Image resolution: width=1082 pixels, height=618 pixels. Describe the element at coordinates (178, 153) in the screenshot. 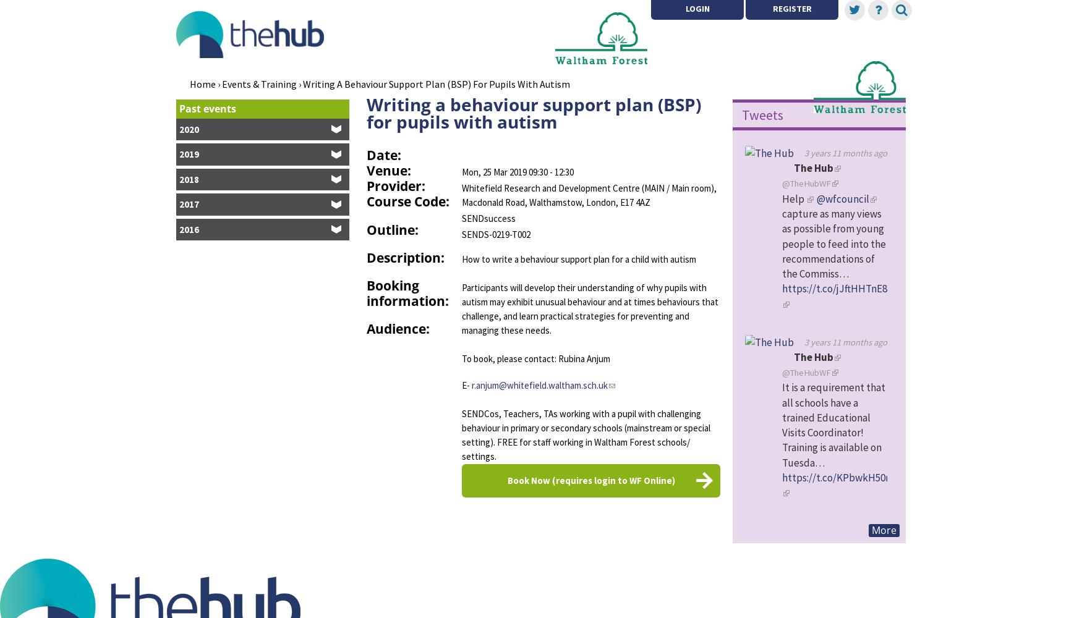

I see `'2019'` at that location.